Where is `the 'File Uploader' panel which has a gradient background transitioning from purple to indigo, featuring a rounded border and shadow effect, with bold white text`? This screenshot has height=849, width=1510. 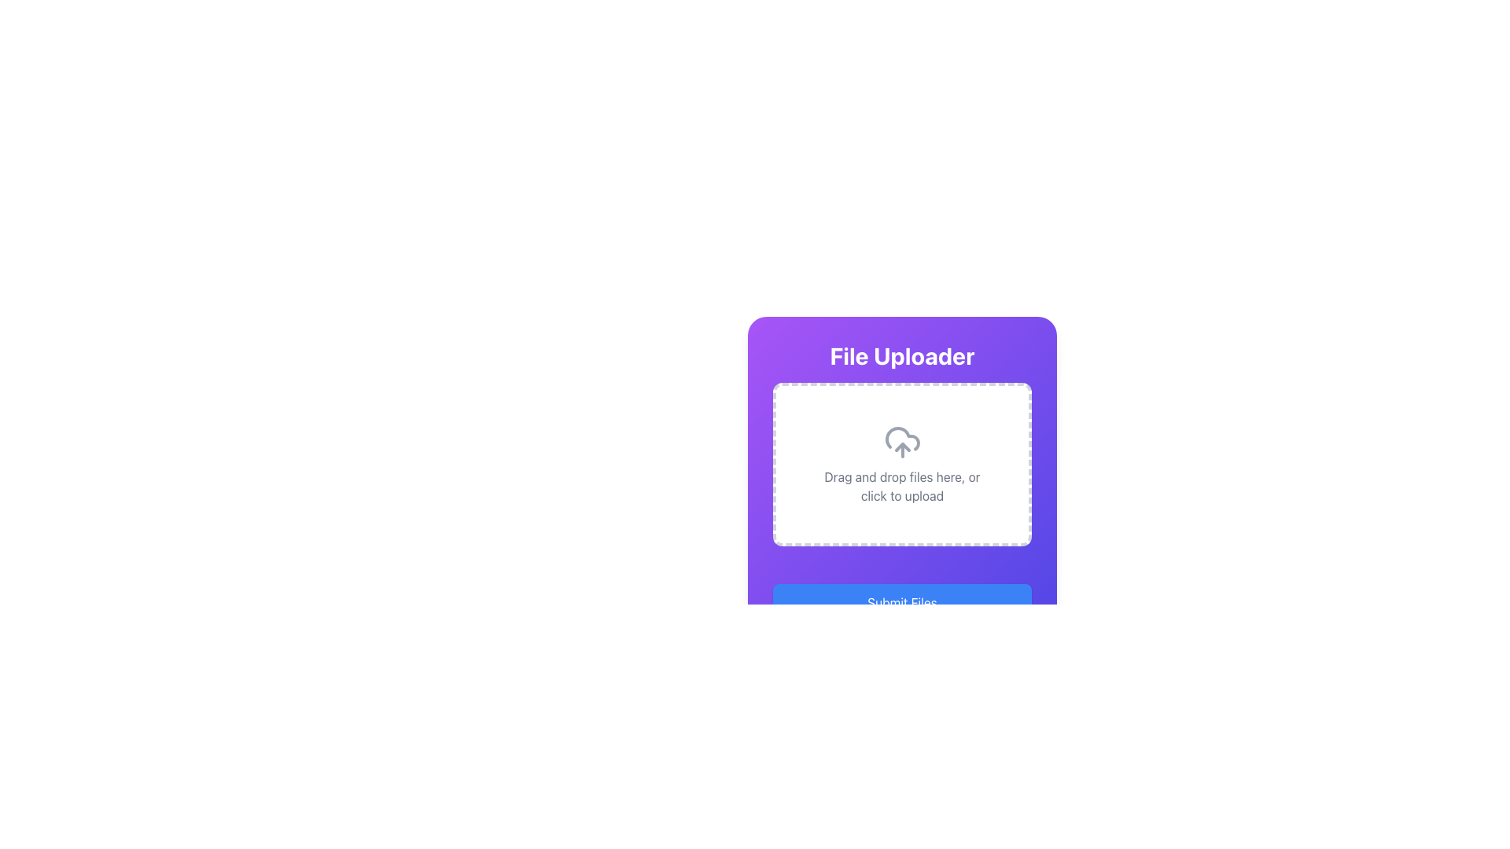
the 'File Uploader' panel which has a gradient background transitioning from purple to indigo, featuring a rounded border and shadow effect, with bold white text is located at coordinates (902, 481).